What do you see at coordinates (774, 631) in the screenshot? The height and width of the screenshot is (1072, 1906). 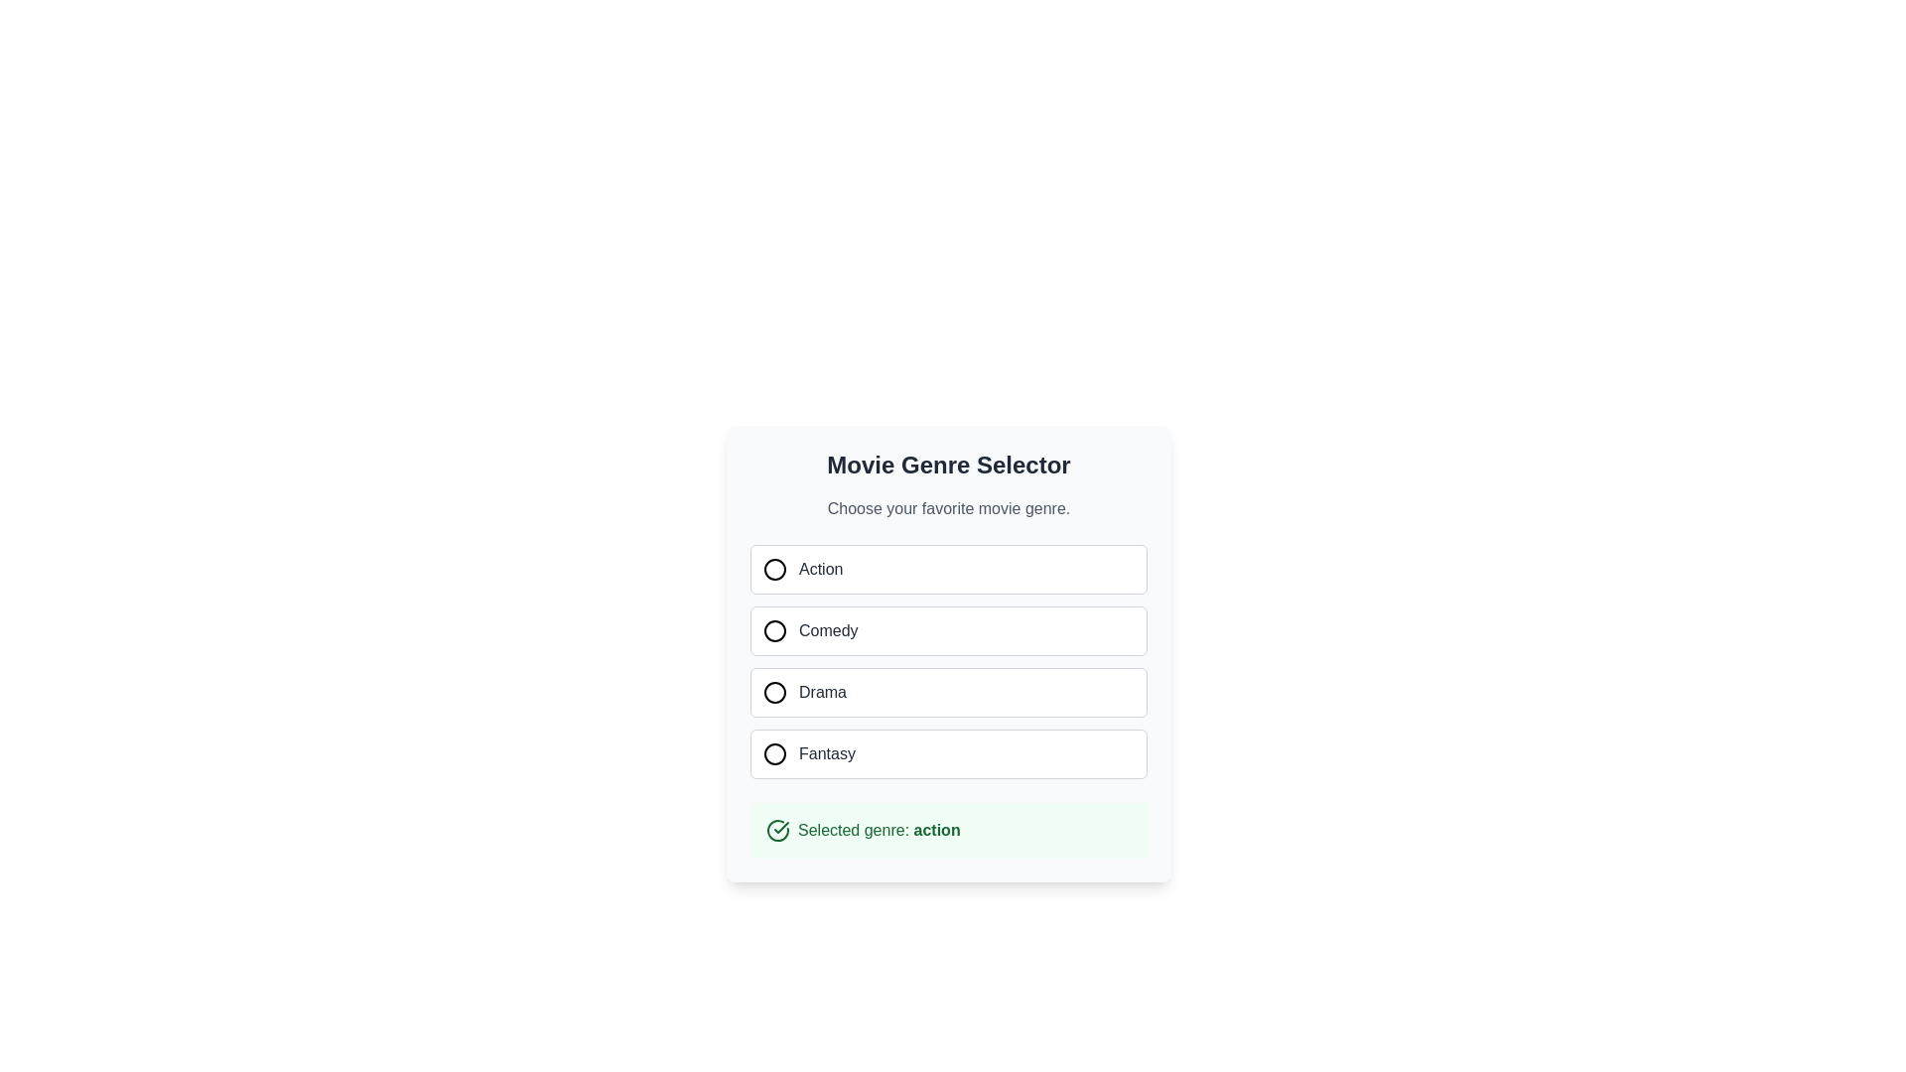 I see `the 'Comedy' radio button graphic indicator, which is the second option in a group of four, located between 'Action' and 'Drama.'` at bounding box center [774, 631].